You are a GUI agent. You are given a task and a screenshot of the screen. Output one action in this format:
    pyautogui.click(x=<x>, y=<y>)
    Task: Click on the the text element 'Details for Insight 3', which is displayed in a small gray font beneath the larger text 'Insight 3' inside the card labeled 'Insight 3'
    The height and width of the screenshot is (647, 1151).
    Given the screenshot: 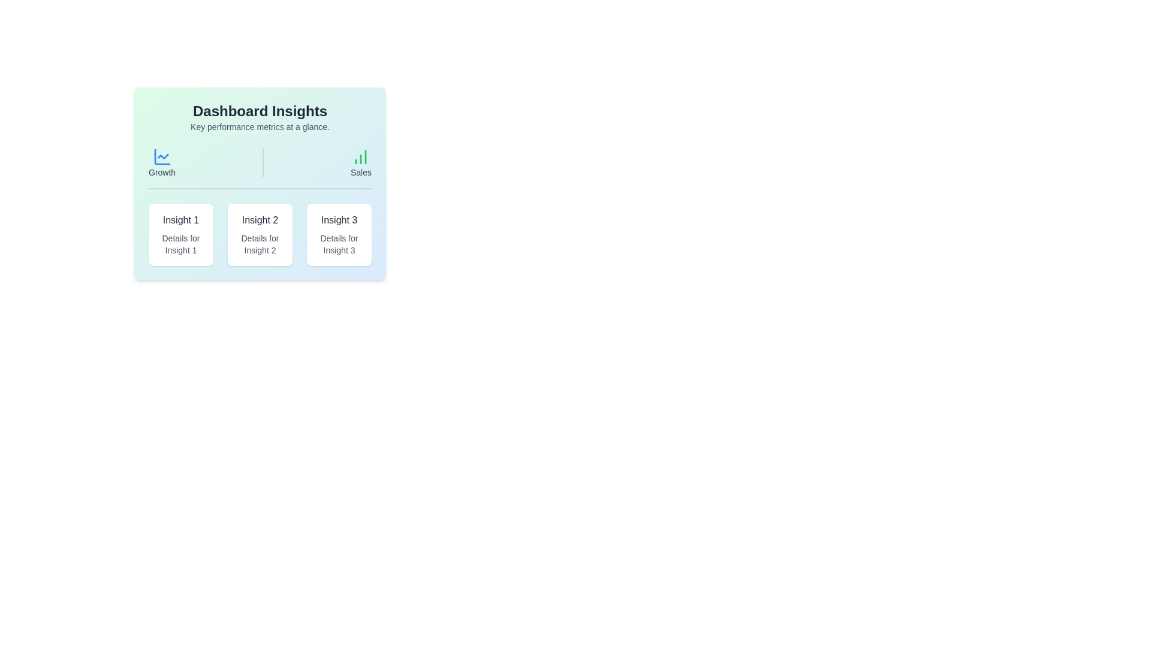 What is the action you would take?
    pyautogui.click(x=339, y=244)
    